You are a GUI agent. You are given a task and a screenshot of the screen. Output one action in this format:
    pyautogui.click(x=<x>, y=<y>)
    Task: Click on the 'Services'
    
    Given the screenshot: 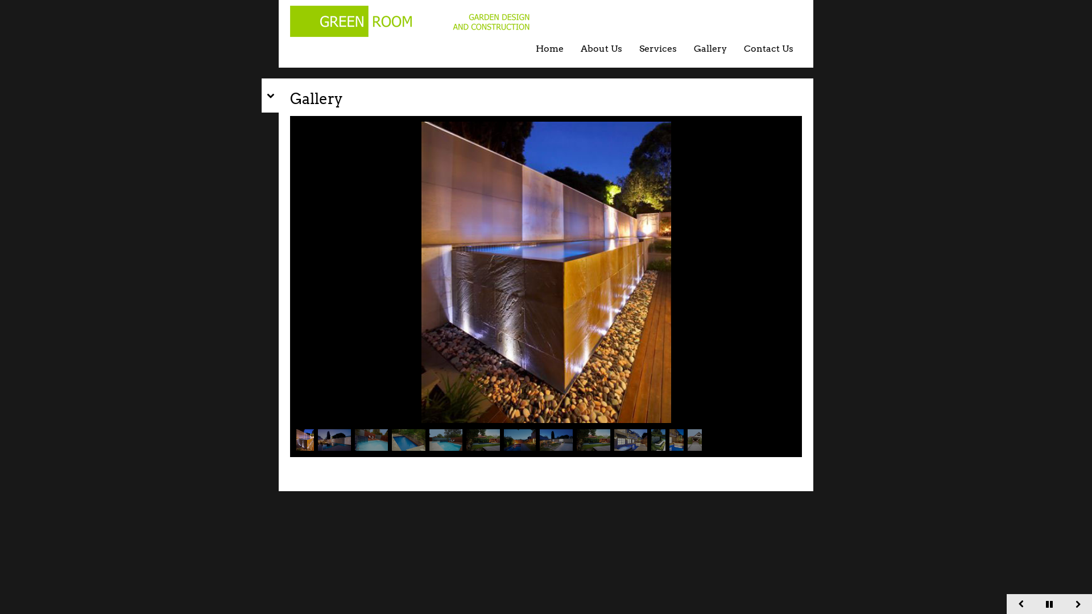 What is the action you would take?
    pyautogui.click(x=657, y=48)
    